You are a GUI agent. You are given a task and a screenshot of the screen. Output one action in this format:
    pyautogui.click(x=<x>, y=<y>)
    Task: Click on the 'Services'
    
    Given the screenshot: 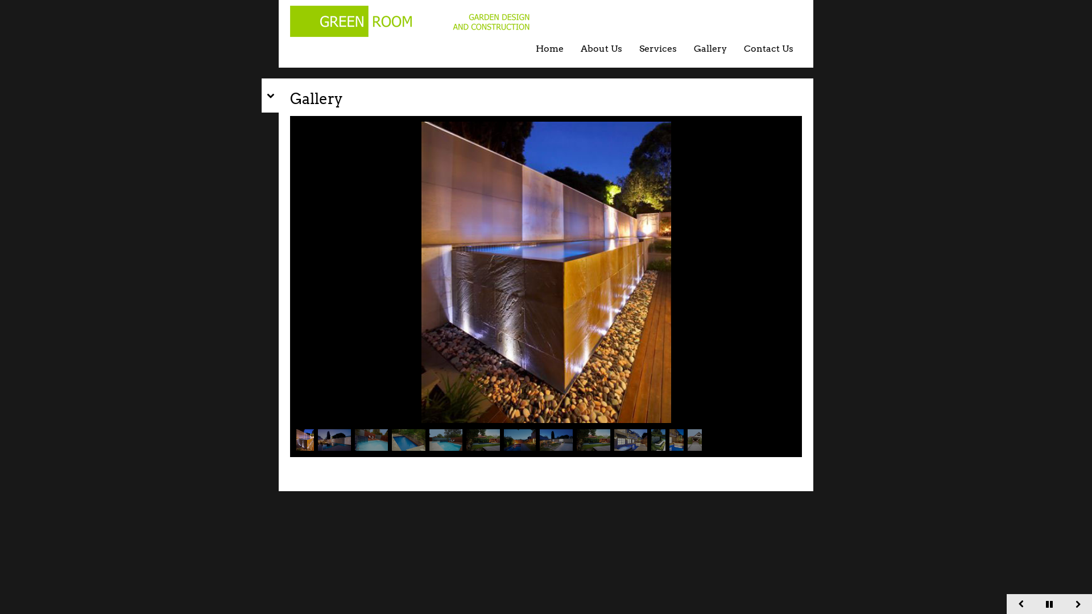 What is the action you would take?
    pyautogui.click(x=657, y=48)
    